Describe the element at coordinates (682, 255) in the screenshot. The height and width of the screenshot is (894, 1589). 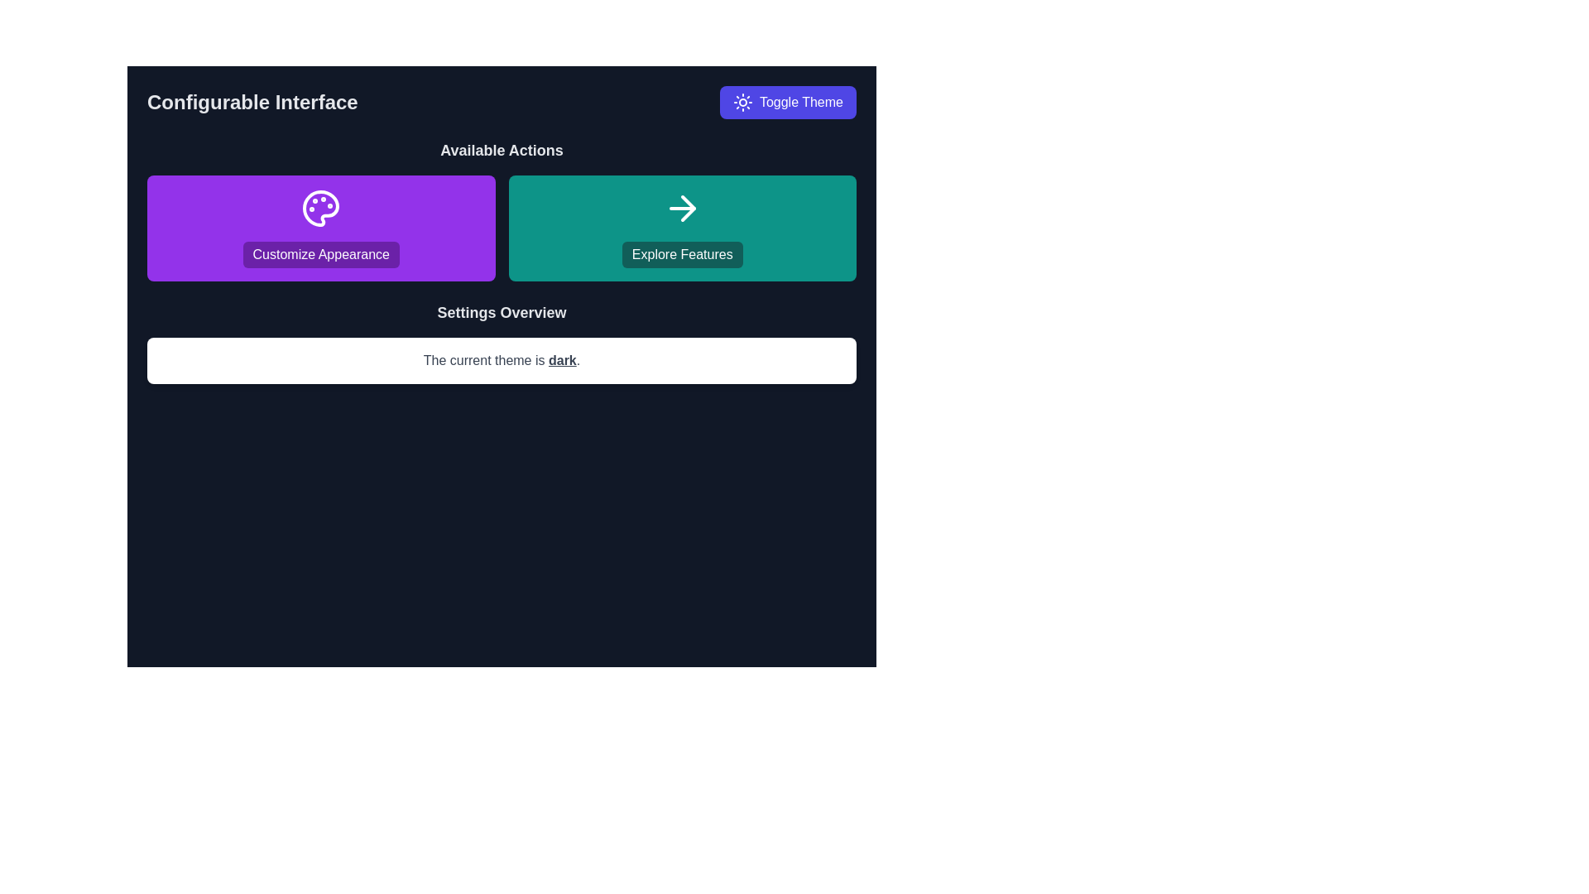
I see `the 'Explore Features' button with a teal background located in the 'Available Actions' section` at that location.